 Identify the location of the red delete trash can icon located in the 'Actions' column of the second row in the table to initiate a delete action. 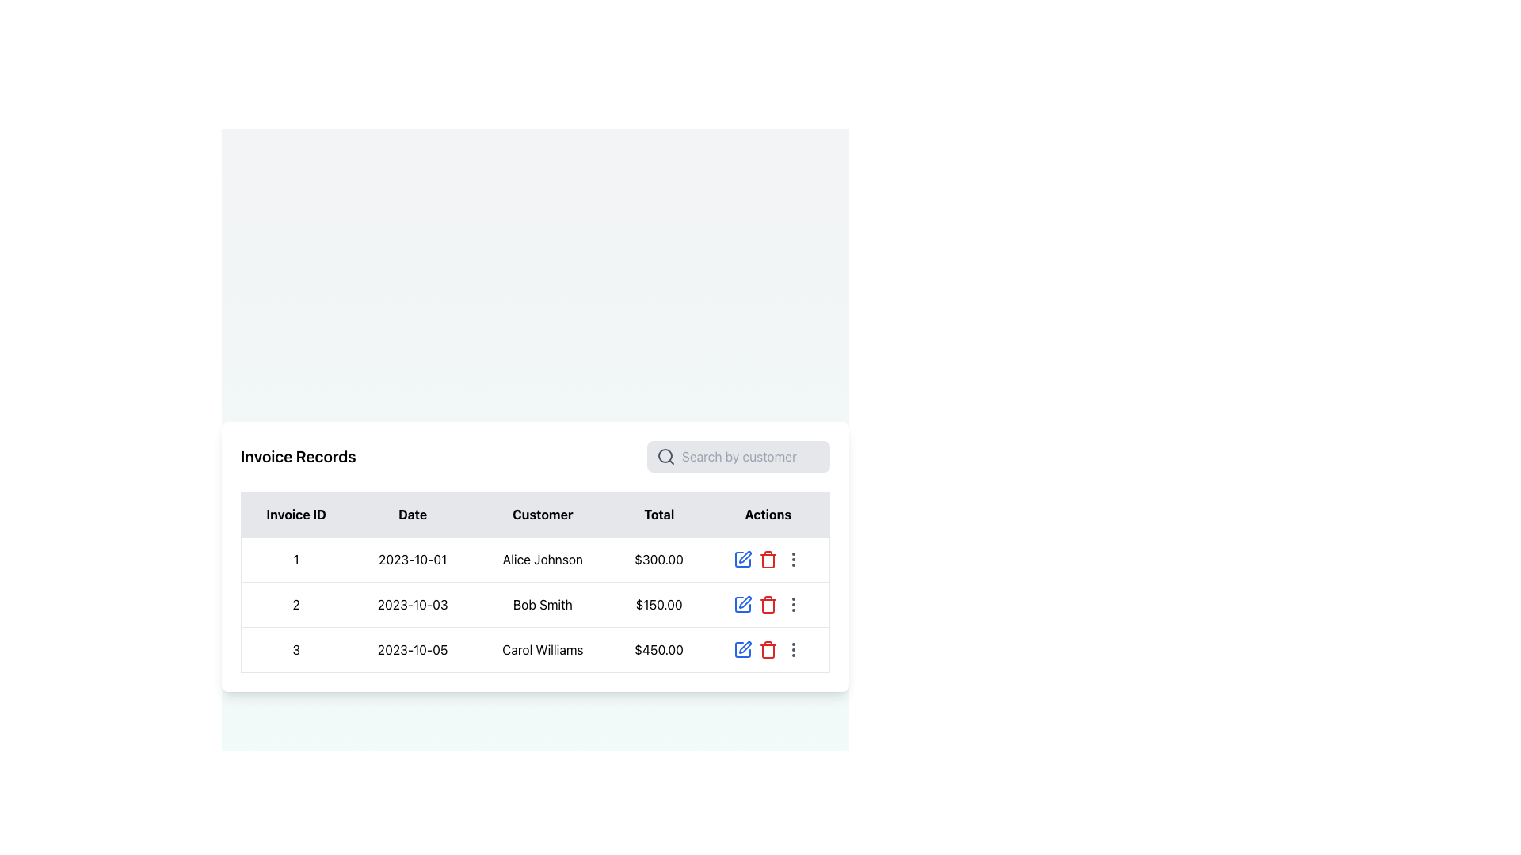
(768, 604).